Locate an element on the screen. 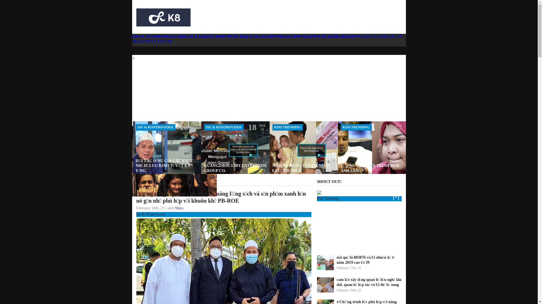 Image resolution: width=542 pixels, height=304 pixels. 'Hot FM' is located at coordinates (396, 36).